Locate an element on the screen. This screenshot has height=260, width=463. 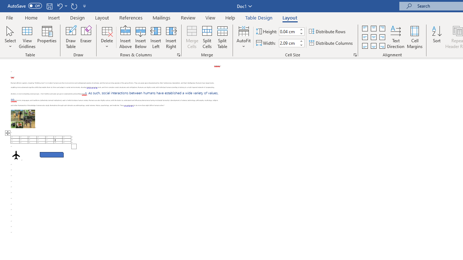
'Distribute Rows' is located at coordinates (327, 31).